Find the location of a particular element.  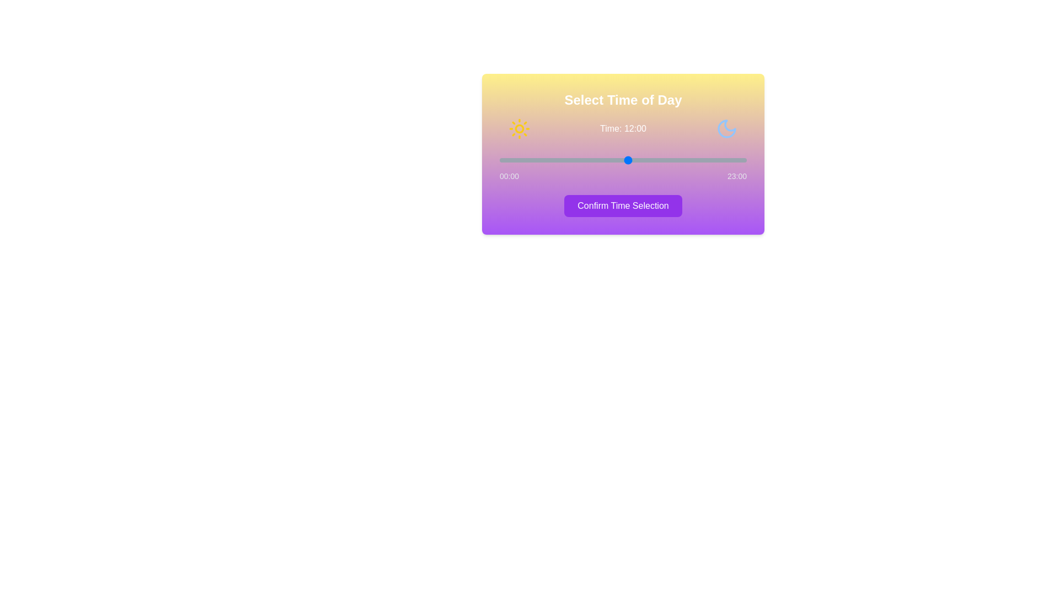

the time to 19 hour(s) by interacting with the slider is located at coordinates (703, 160).